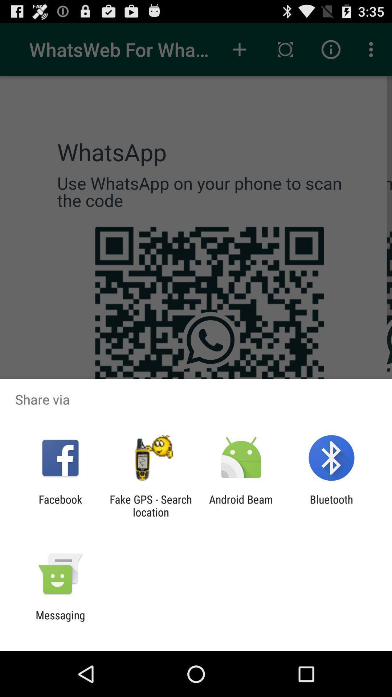 The image size is (392, 697). Describe the element at coordinates (241, 505) in the screenshot. I see `app to the left of the bluetooth icon` at that location.